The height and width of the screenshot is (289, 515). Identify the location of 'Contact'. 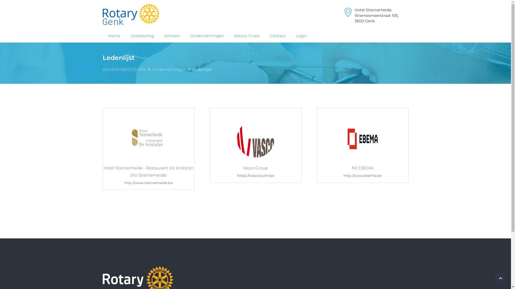
(277, 36).